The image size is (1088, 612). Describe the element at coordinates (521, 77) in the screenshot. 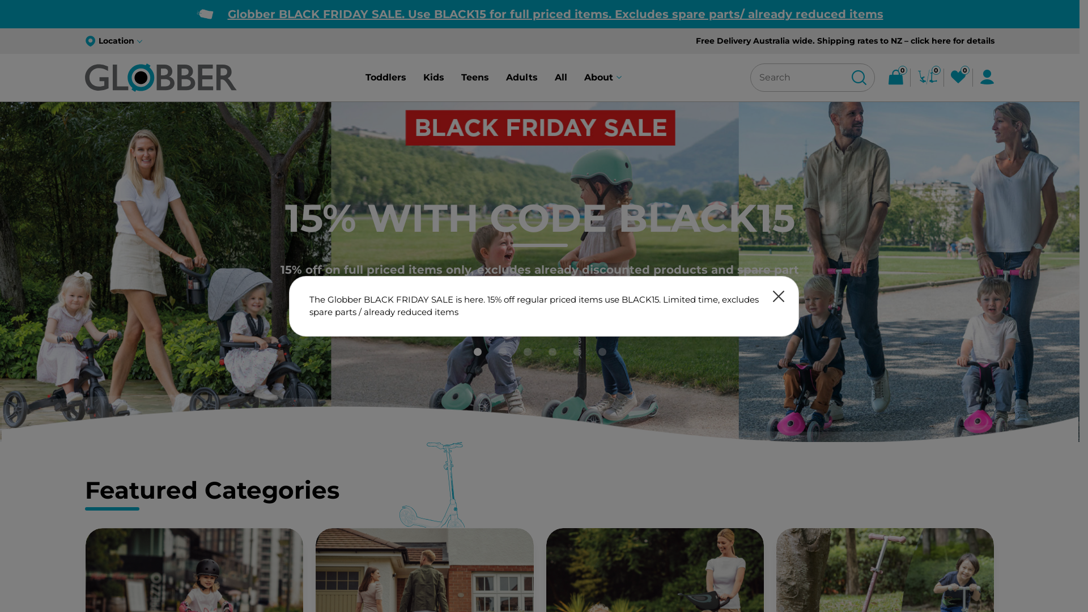

I see `'Adults'` at that location.